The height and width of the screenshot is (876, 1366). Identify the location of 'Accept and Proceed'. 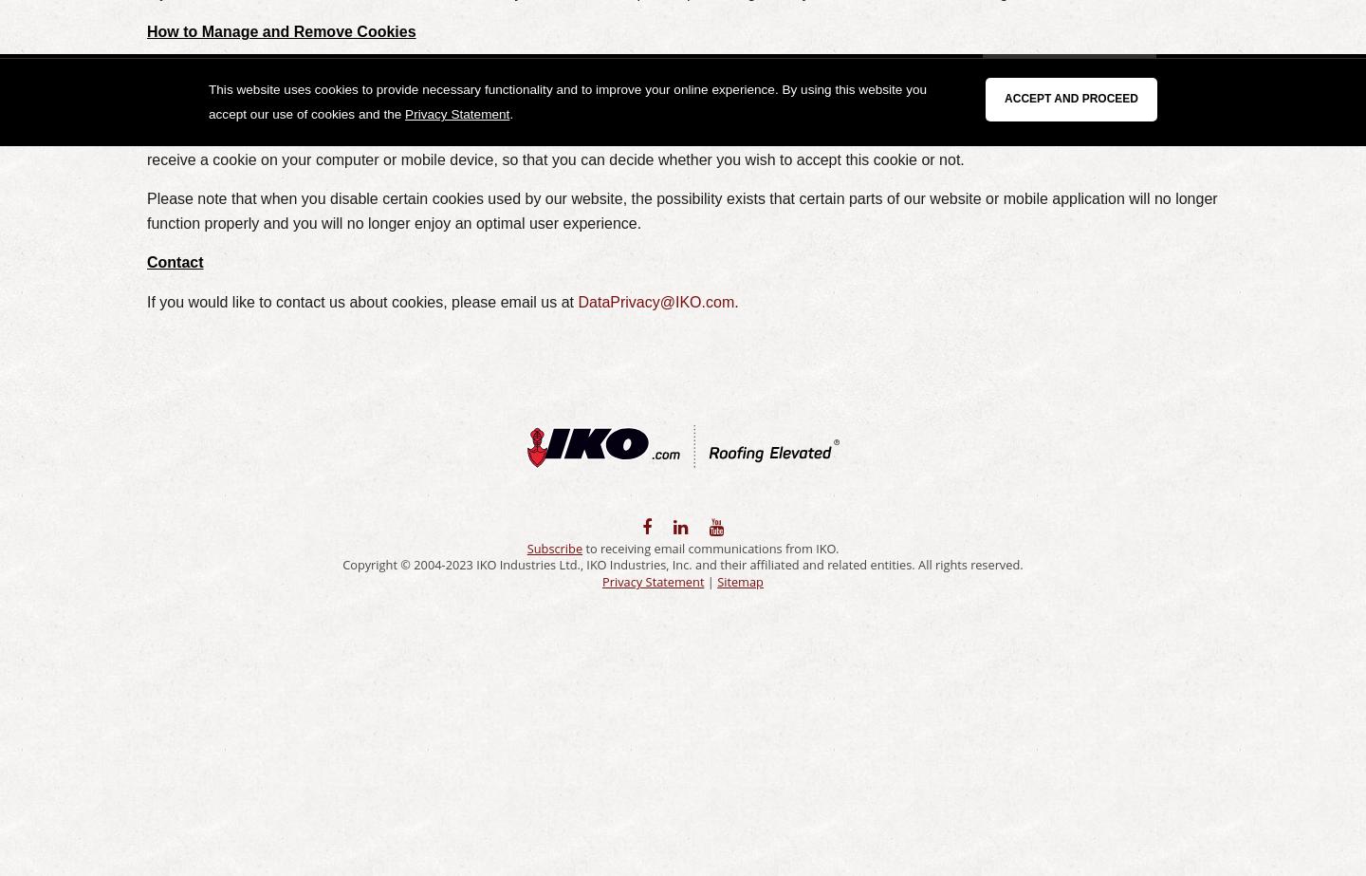
(1004, 99).